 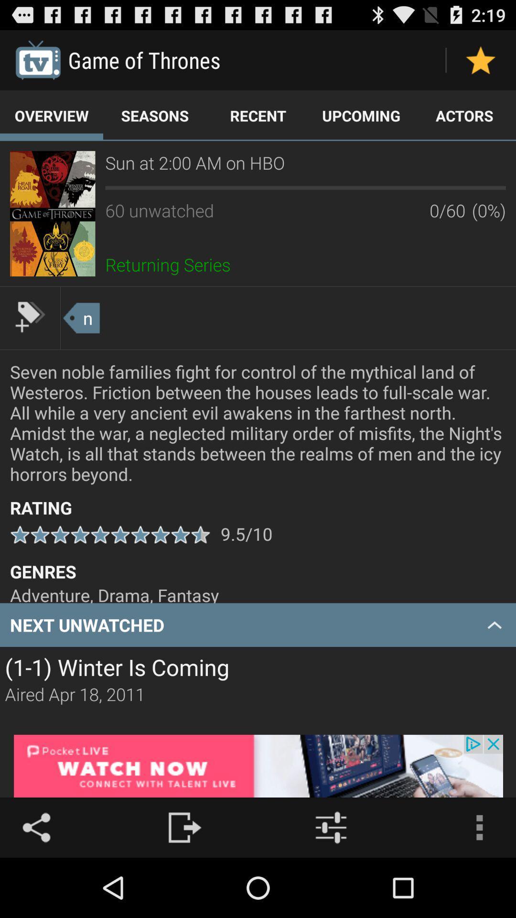 I want to click on remove tag, so click(x=29, y=317).